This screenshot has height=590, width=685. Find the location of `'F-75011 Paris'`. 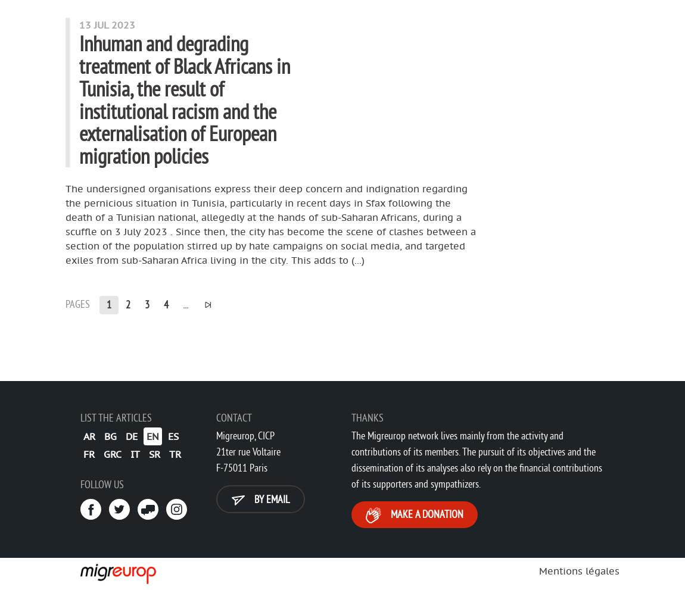

'F-75011 Paris' is located at coordinates (216, 467).